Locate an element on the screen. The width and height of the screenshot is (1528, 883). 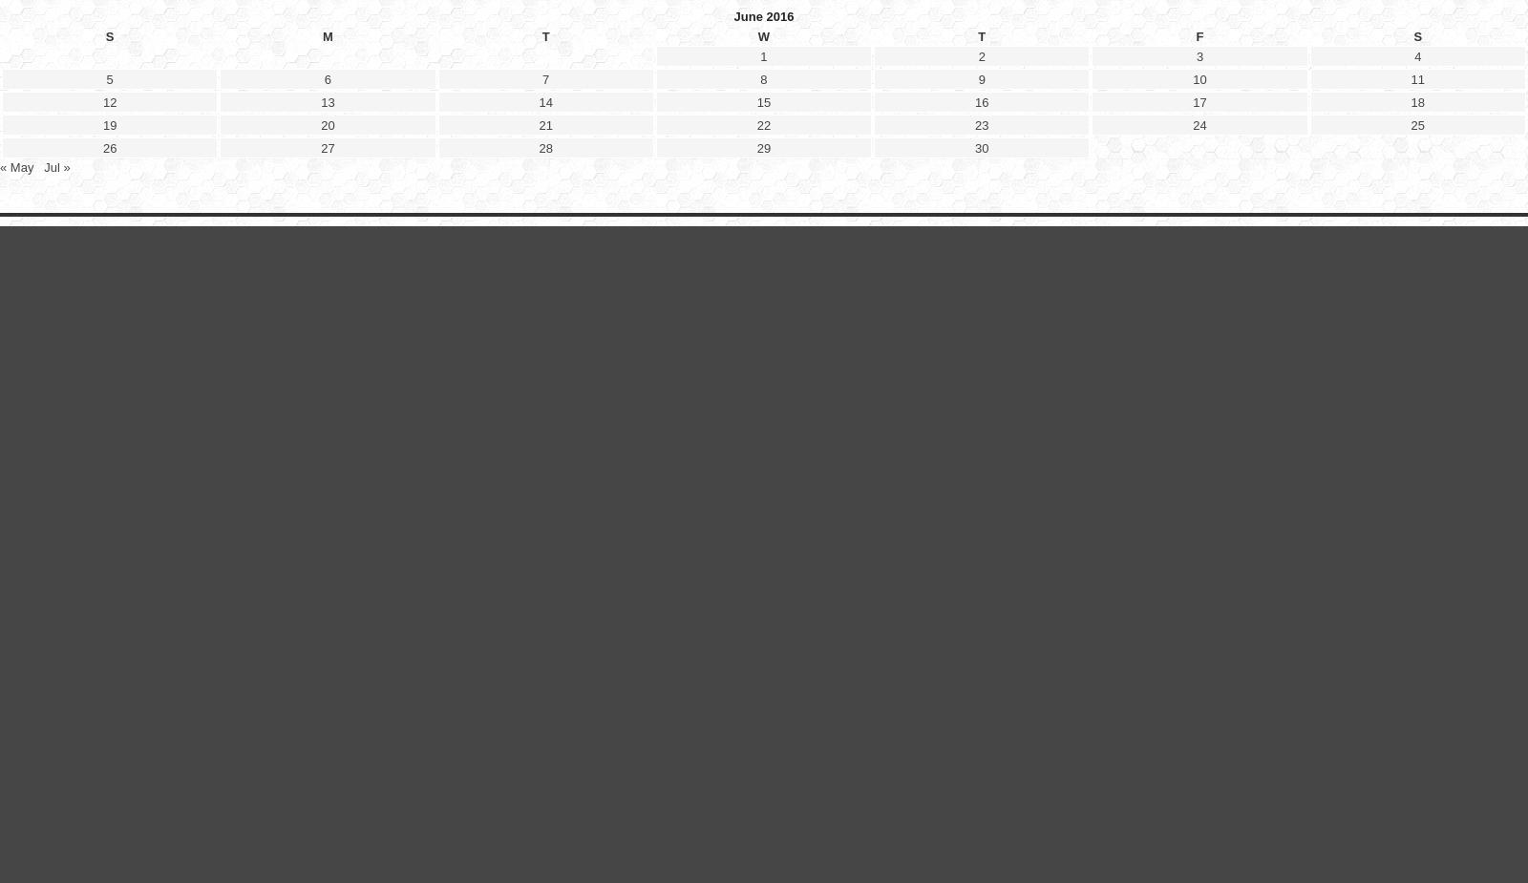
'20' is located at coordinates (328, 595).